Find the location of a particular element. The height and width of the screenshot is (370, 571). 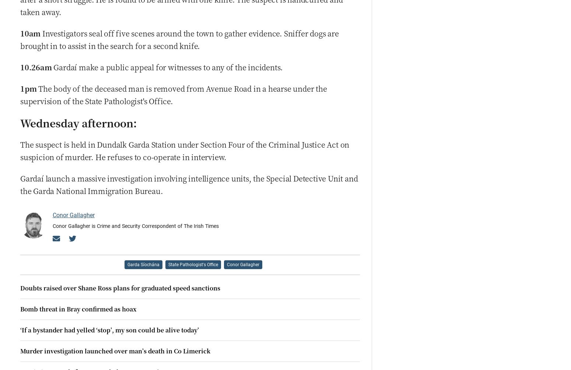

'Doubts raised over Shane Ross plans for graduated speed sanctions' is located at coordinates (120, 288).